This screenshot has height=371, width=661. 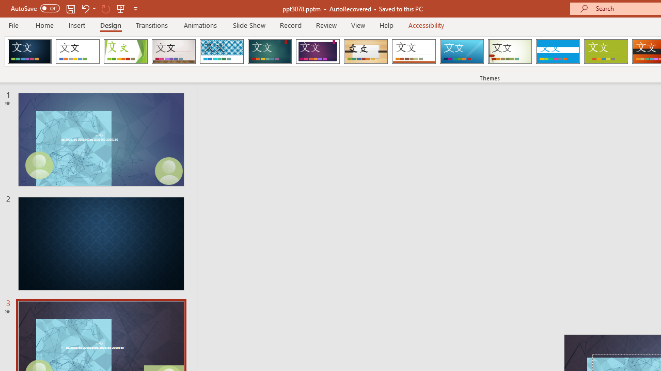 What do you see at coordinates (29, 52) in the screenshot?
I see `'Dividend'` at bounding box center [29, 52].